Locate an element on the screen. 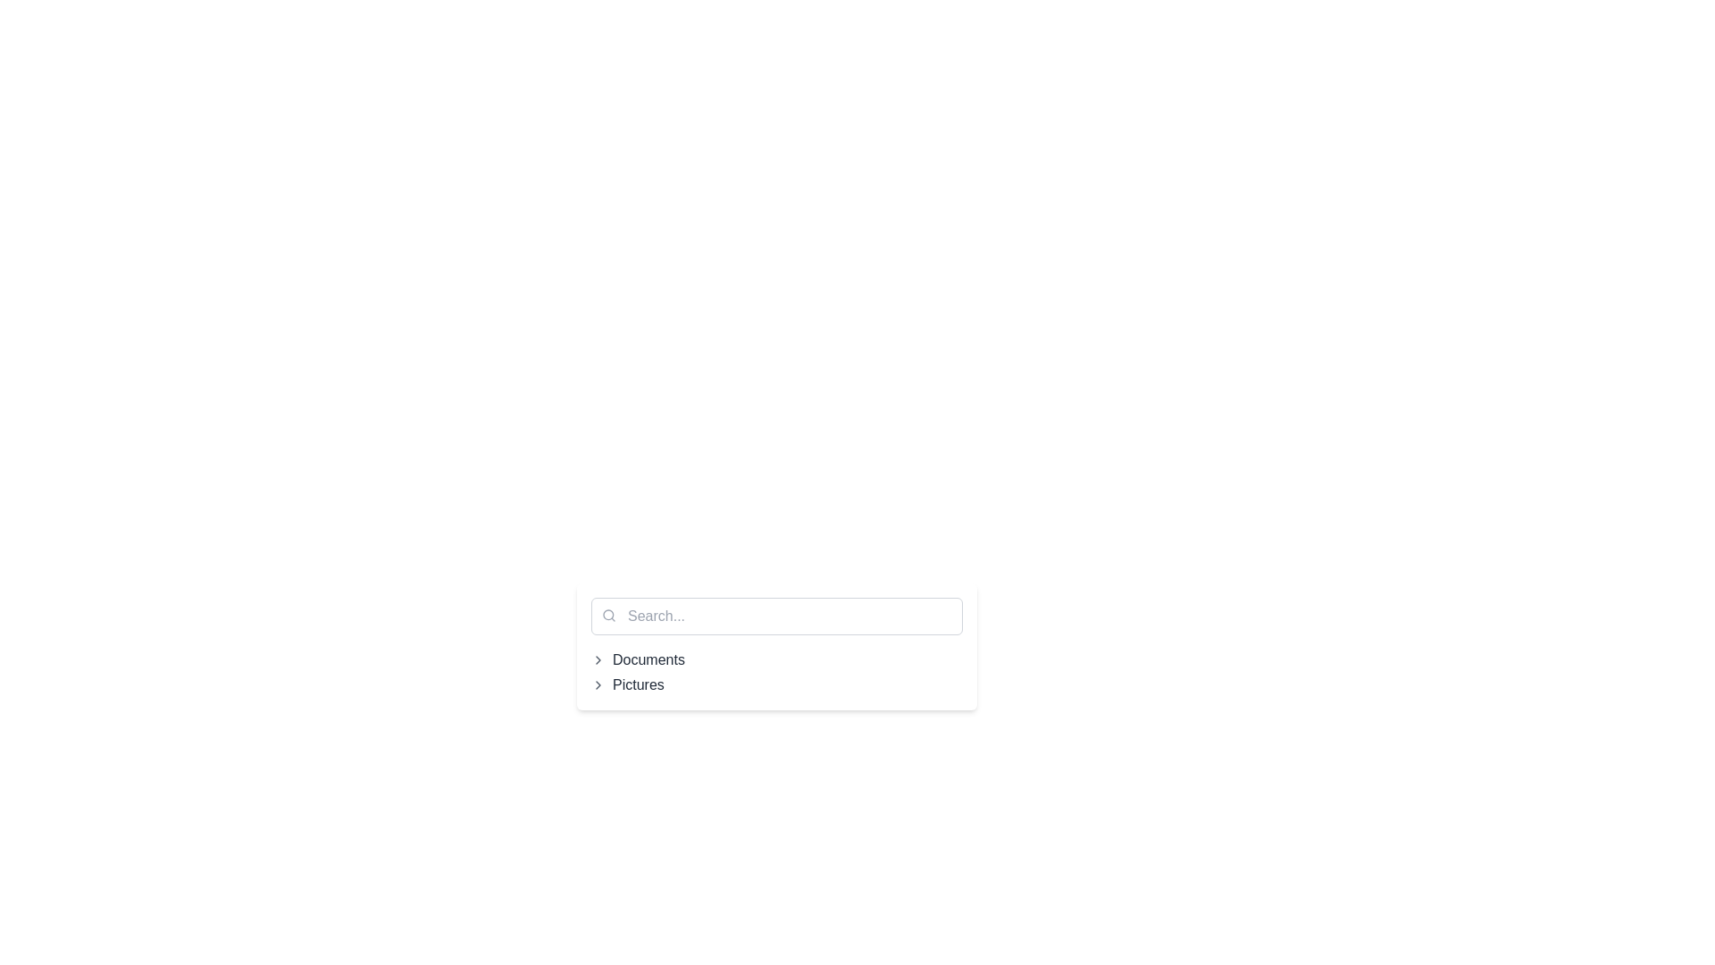  the chevron icon located to the left of the 'Documents' text is located at coordinates (598, 660).